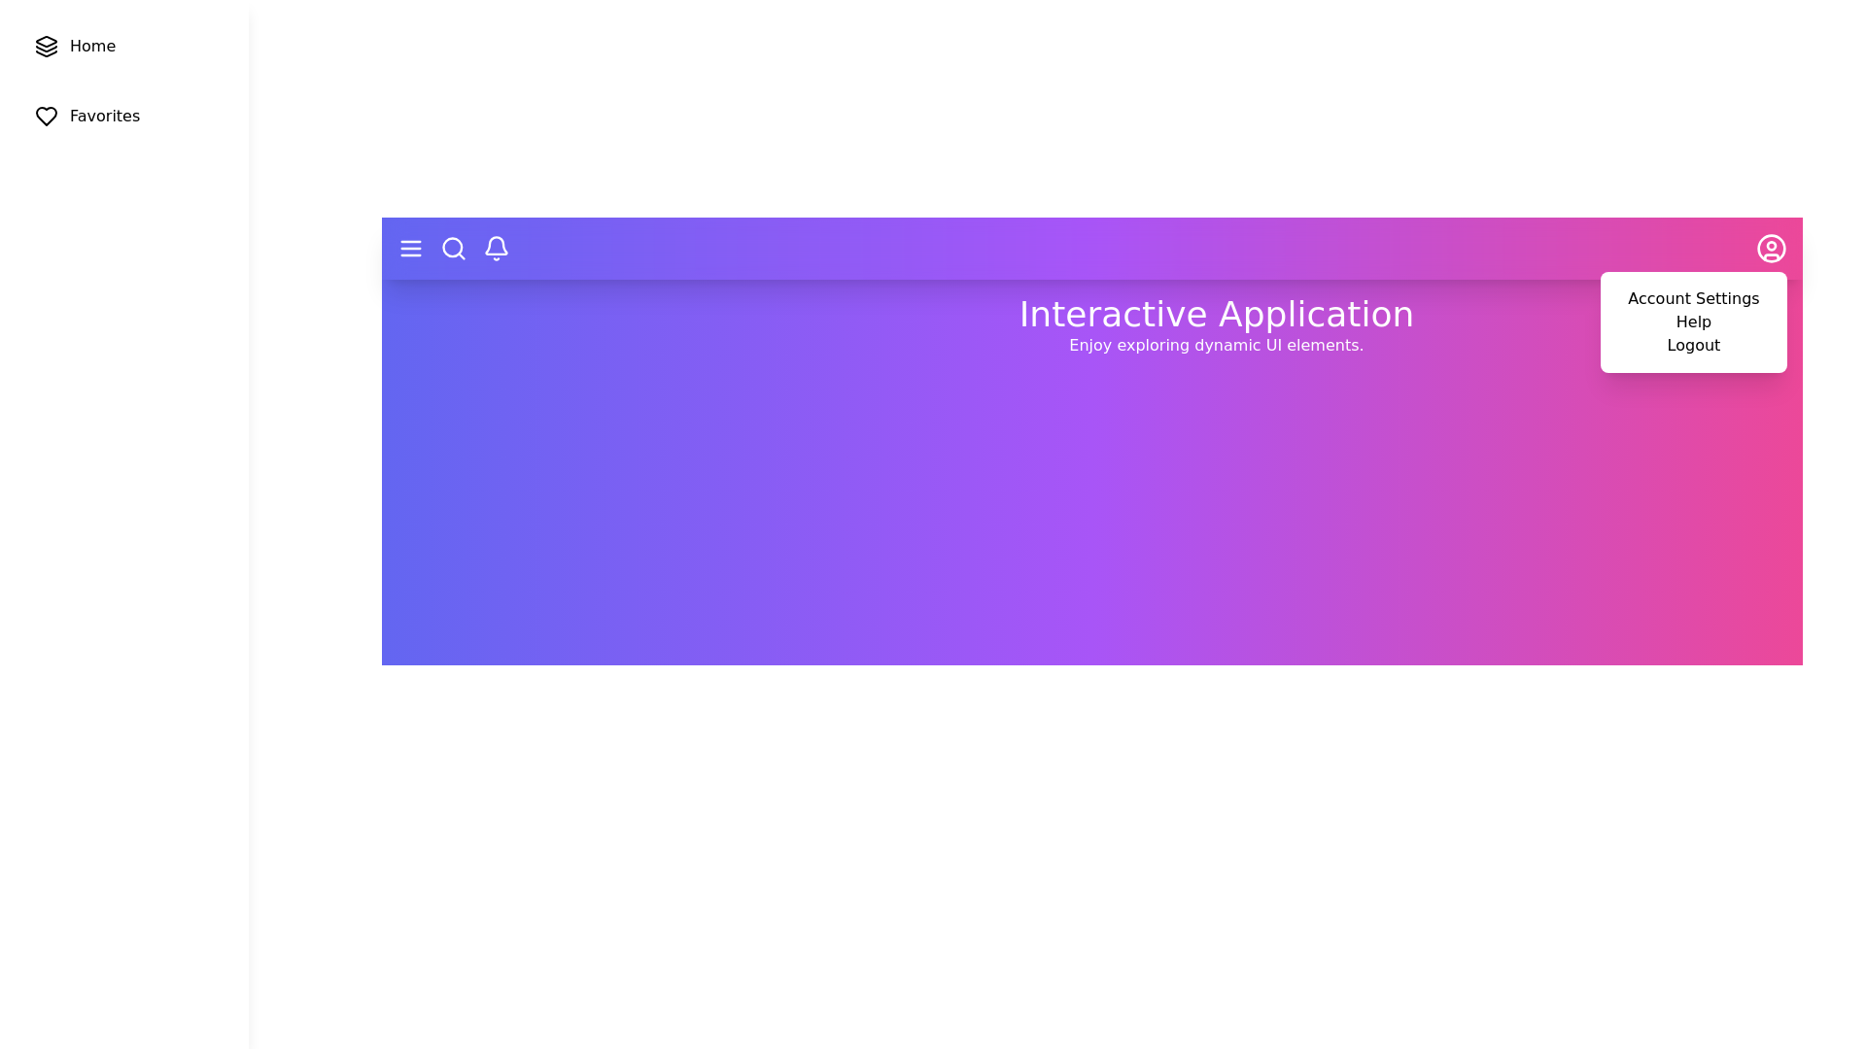 This screenshot has width=1866, height=1049. Describe the element at coordinates (1692, 299) in the screenshot. I see `the Account Settings option from the dropdown menu` at that location.